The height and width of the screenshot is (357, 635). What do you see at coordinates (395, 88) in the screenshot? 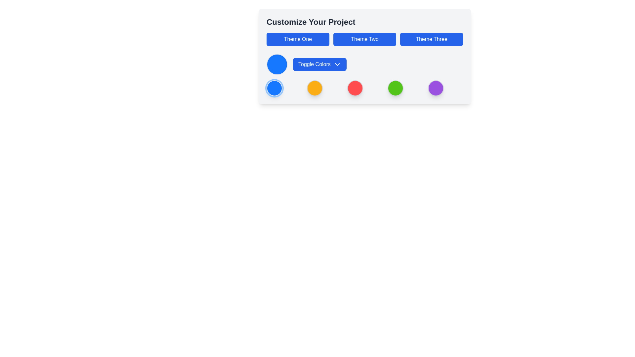
I see `the fourth circular button with a green background located below the 'Toggle Colors' dropdown menu` at bounding box center [395, 88].